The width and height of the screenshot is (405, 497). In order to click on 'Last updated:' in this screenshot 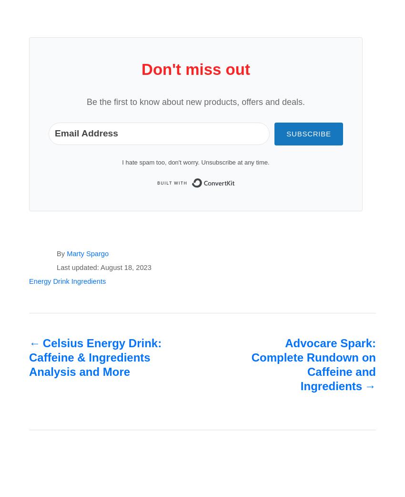, I will do `click(78, 267)`.